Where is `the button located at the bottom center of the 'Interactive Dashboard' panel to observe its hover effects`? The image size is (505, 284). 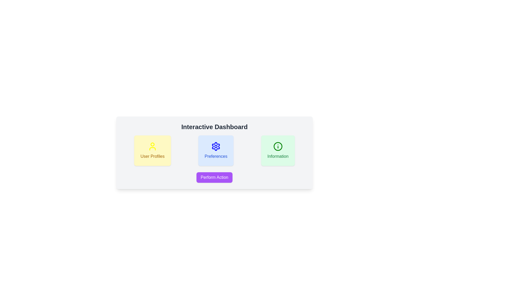 the button located at the bottom center of the 'Interactive Dashboard' panel to observe its hover effects is located at coordinates (214, 177).